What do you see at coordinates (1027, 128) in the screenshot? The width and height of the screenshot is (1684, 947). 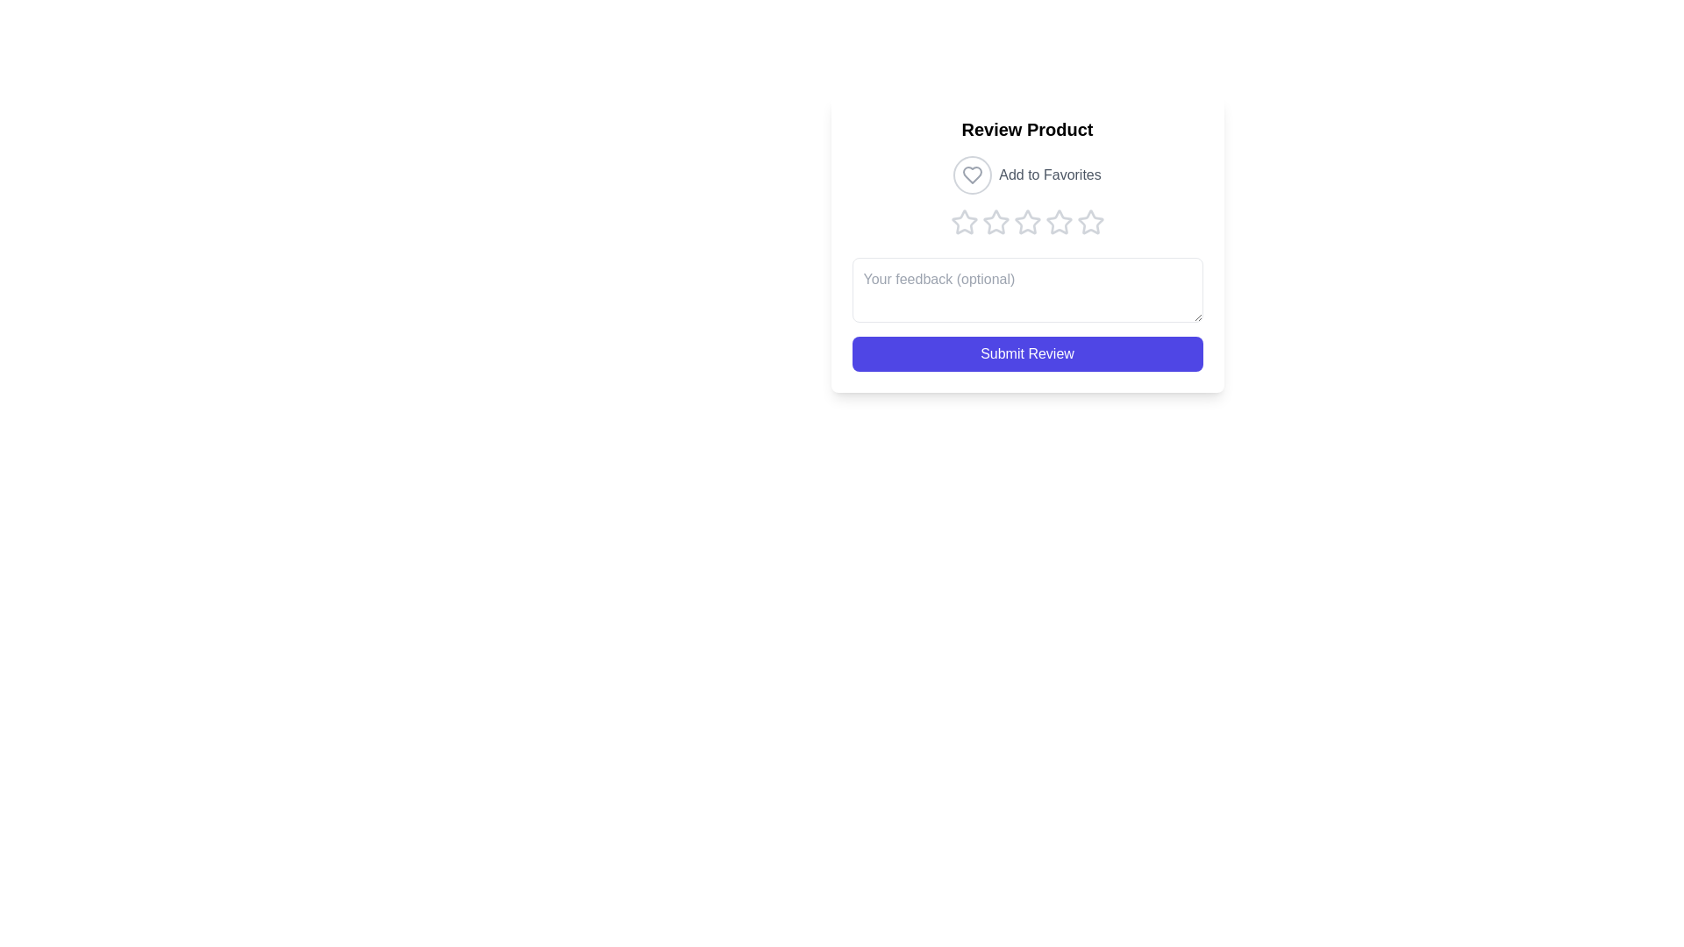 I see `the header text element located at the top of the card-like UI component, which provides context for product review` at bounding box center [1027, 128].